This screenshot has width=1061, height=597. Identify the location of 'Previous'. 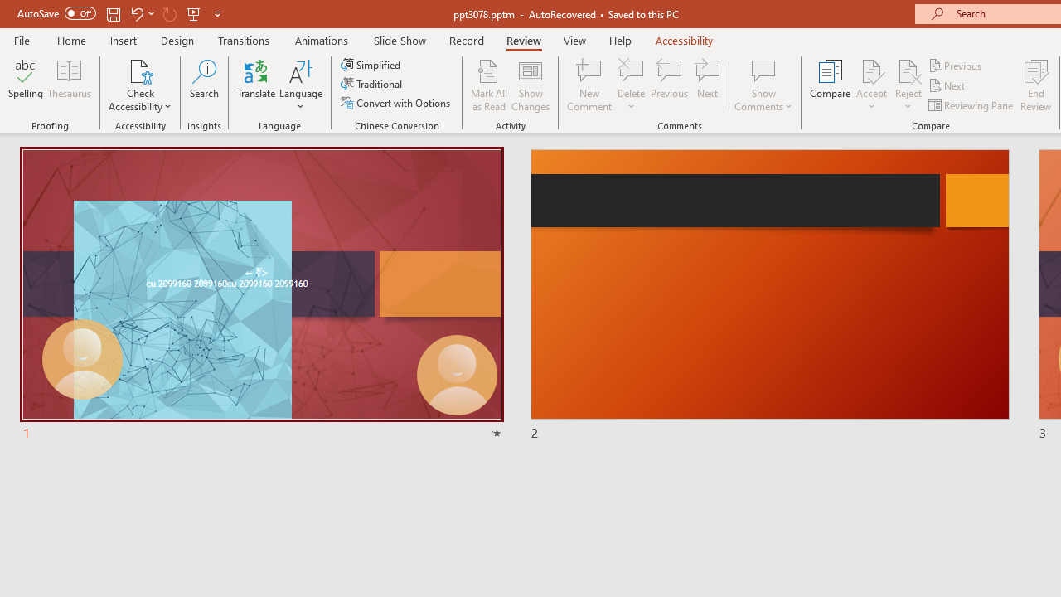
(956, 65).